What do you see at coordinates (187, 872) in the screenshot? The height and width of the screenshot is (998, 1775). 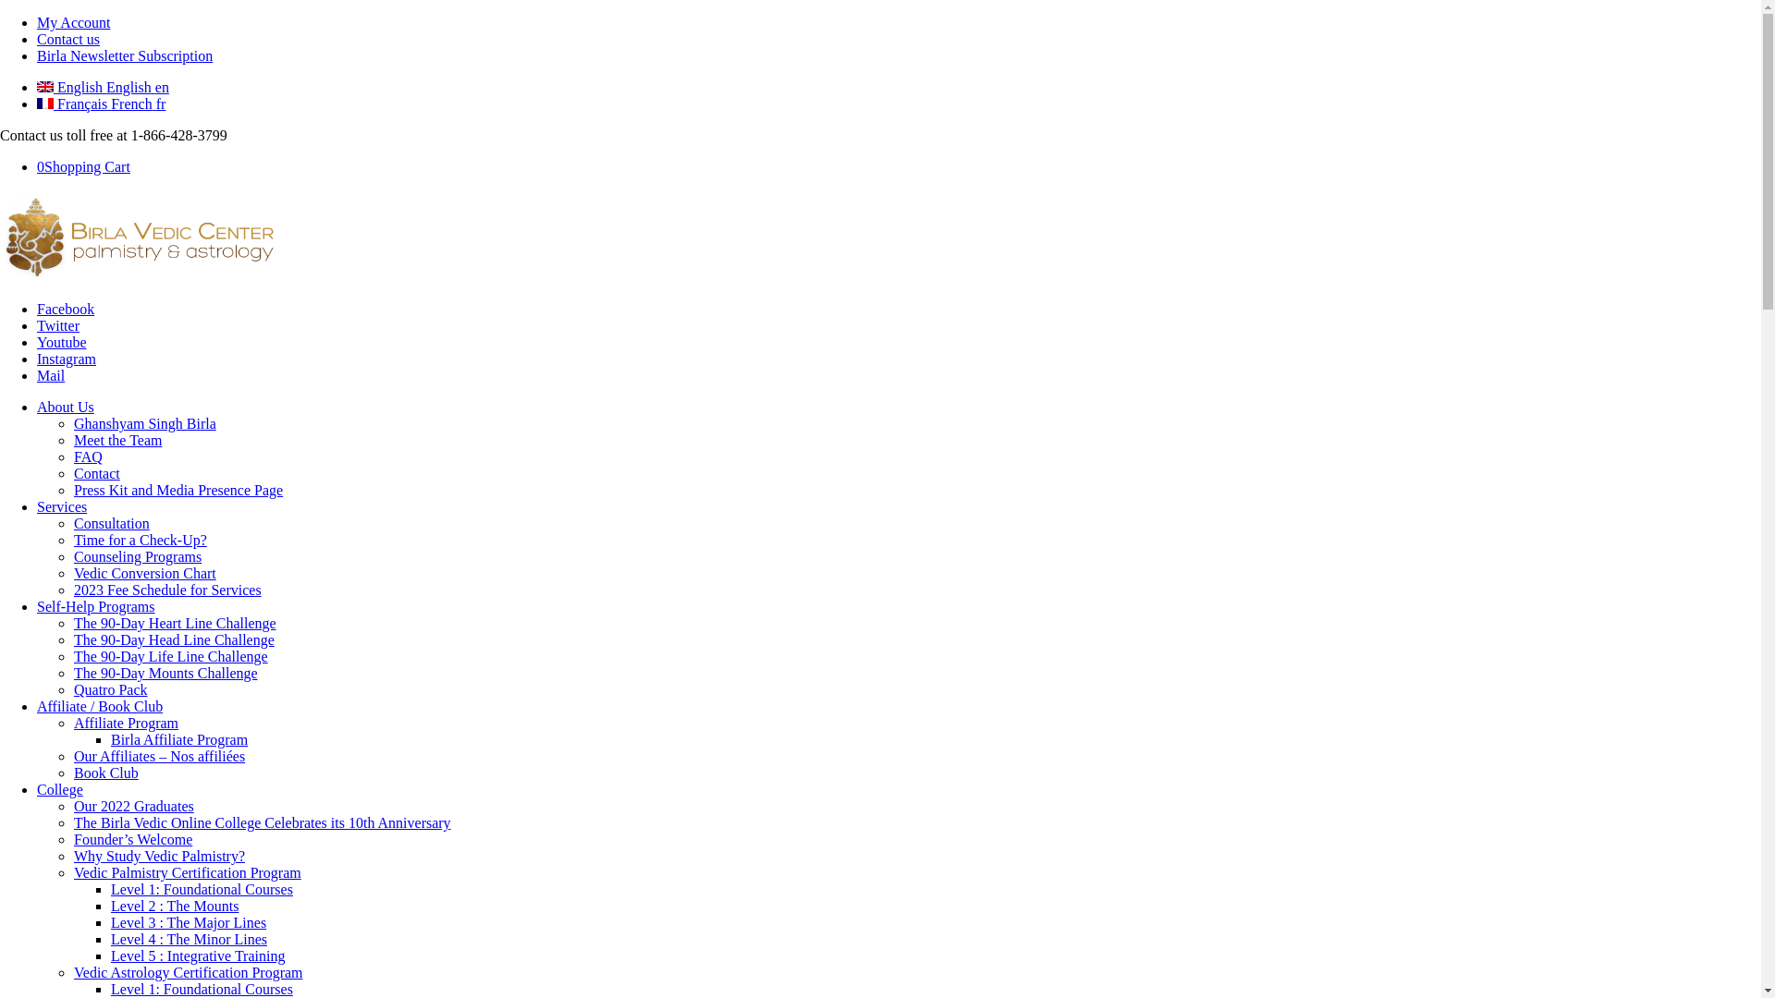 I see `'Vedic Palmistry Certification Program'` at bounding box center [187, 872].